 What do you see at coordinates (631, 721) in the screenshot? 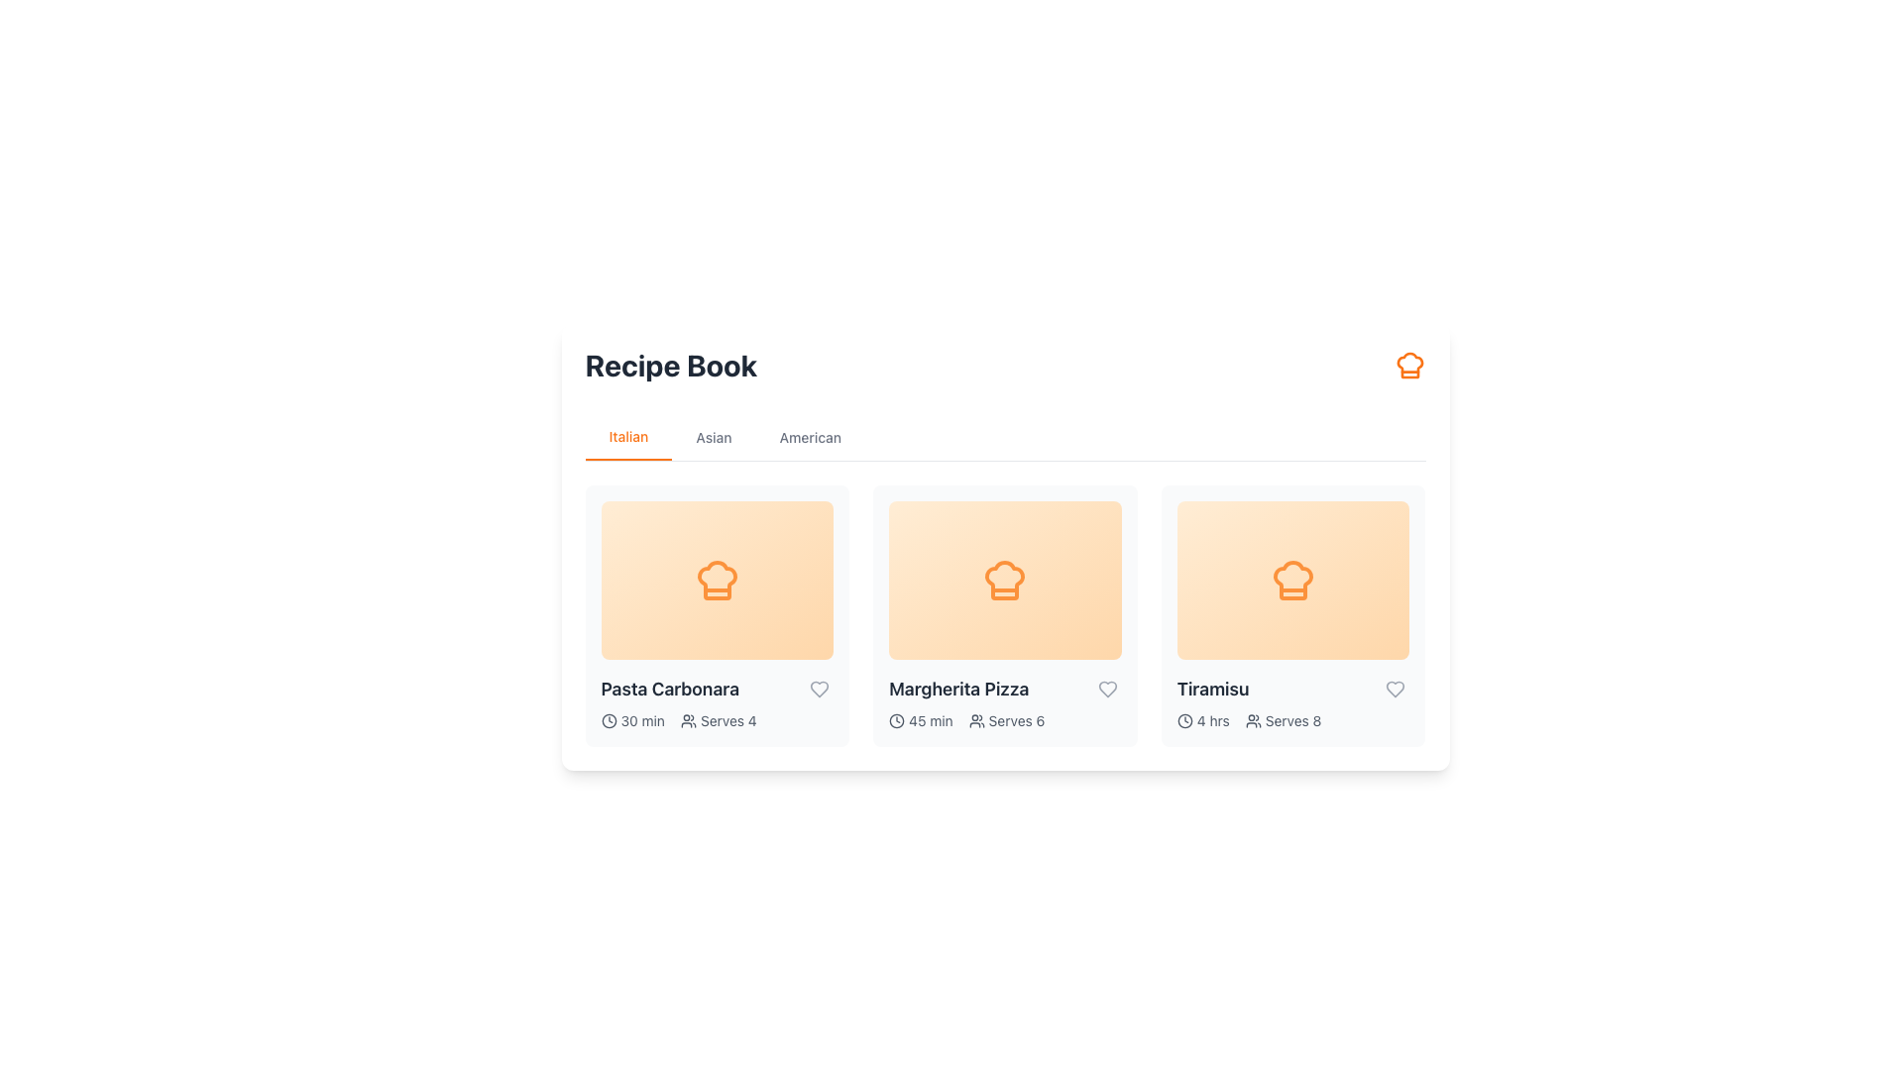
I see `the static display component featuring a clock icon and the text '30 min', located in the first card under the 'Italian' category in the 'Recipe Book' section, positioned above 'Serves 4' and below 'Pasta Carbonara'` at bounding box center [631, 721].